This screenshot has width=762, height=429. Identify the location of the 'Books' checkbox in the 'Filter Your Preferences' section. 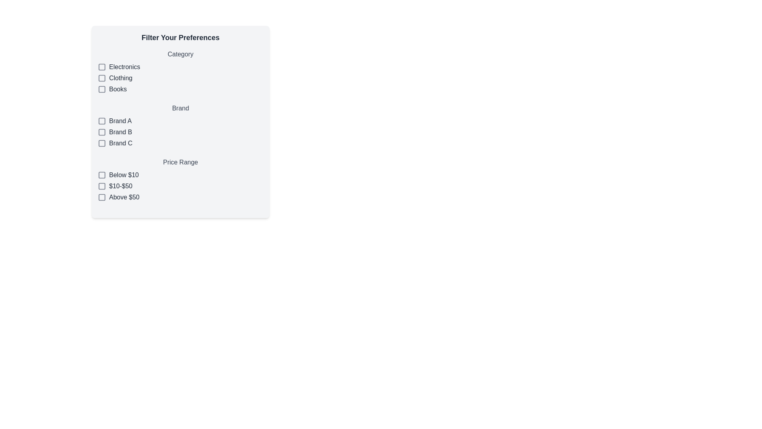
(102, 89).